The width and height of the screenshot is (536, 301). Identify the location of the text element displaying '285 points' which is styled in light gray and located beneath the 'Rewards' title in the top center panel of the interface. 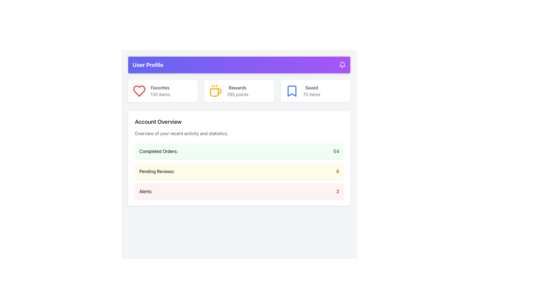
(238, 94).